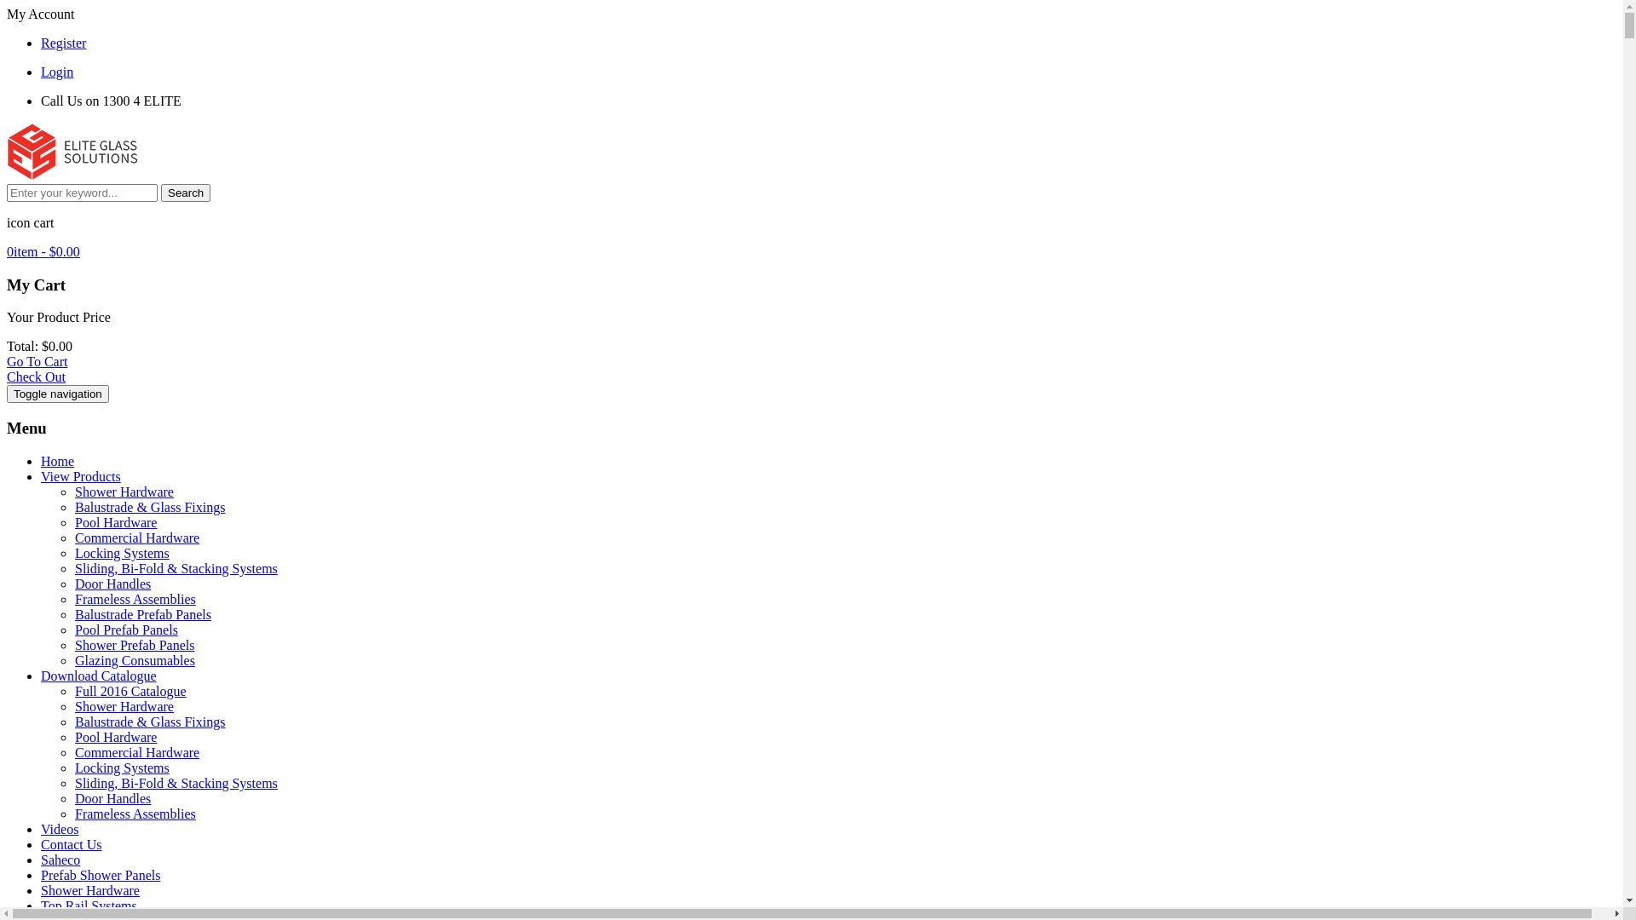  I want to click on 'Register', so click(41, 42).